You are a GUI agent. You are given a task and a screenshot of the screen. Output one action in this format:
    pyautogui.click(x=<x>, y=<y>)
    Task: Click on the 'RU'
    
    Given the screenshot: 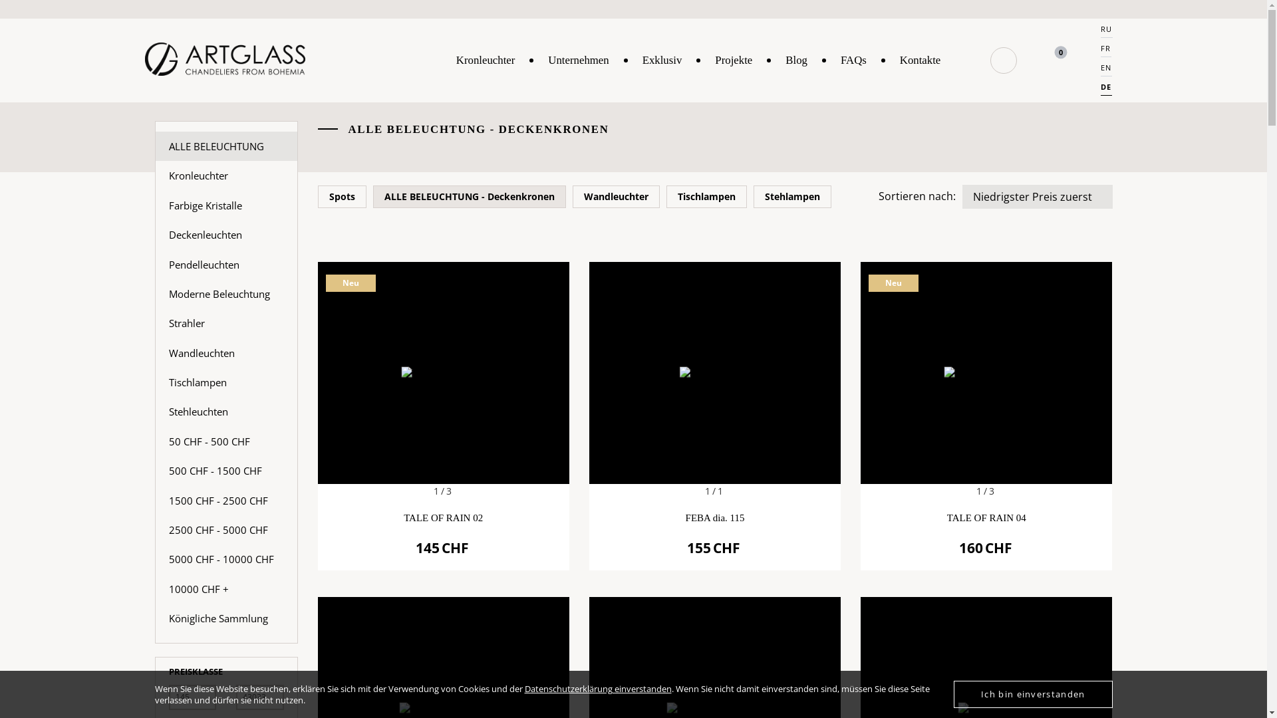 What is the action you would take?
    pyautogui.click(x=1106, y=31)
    